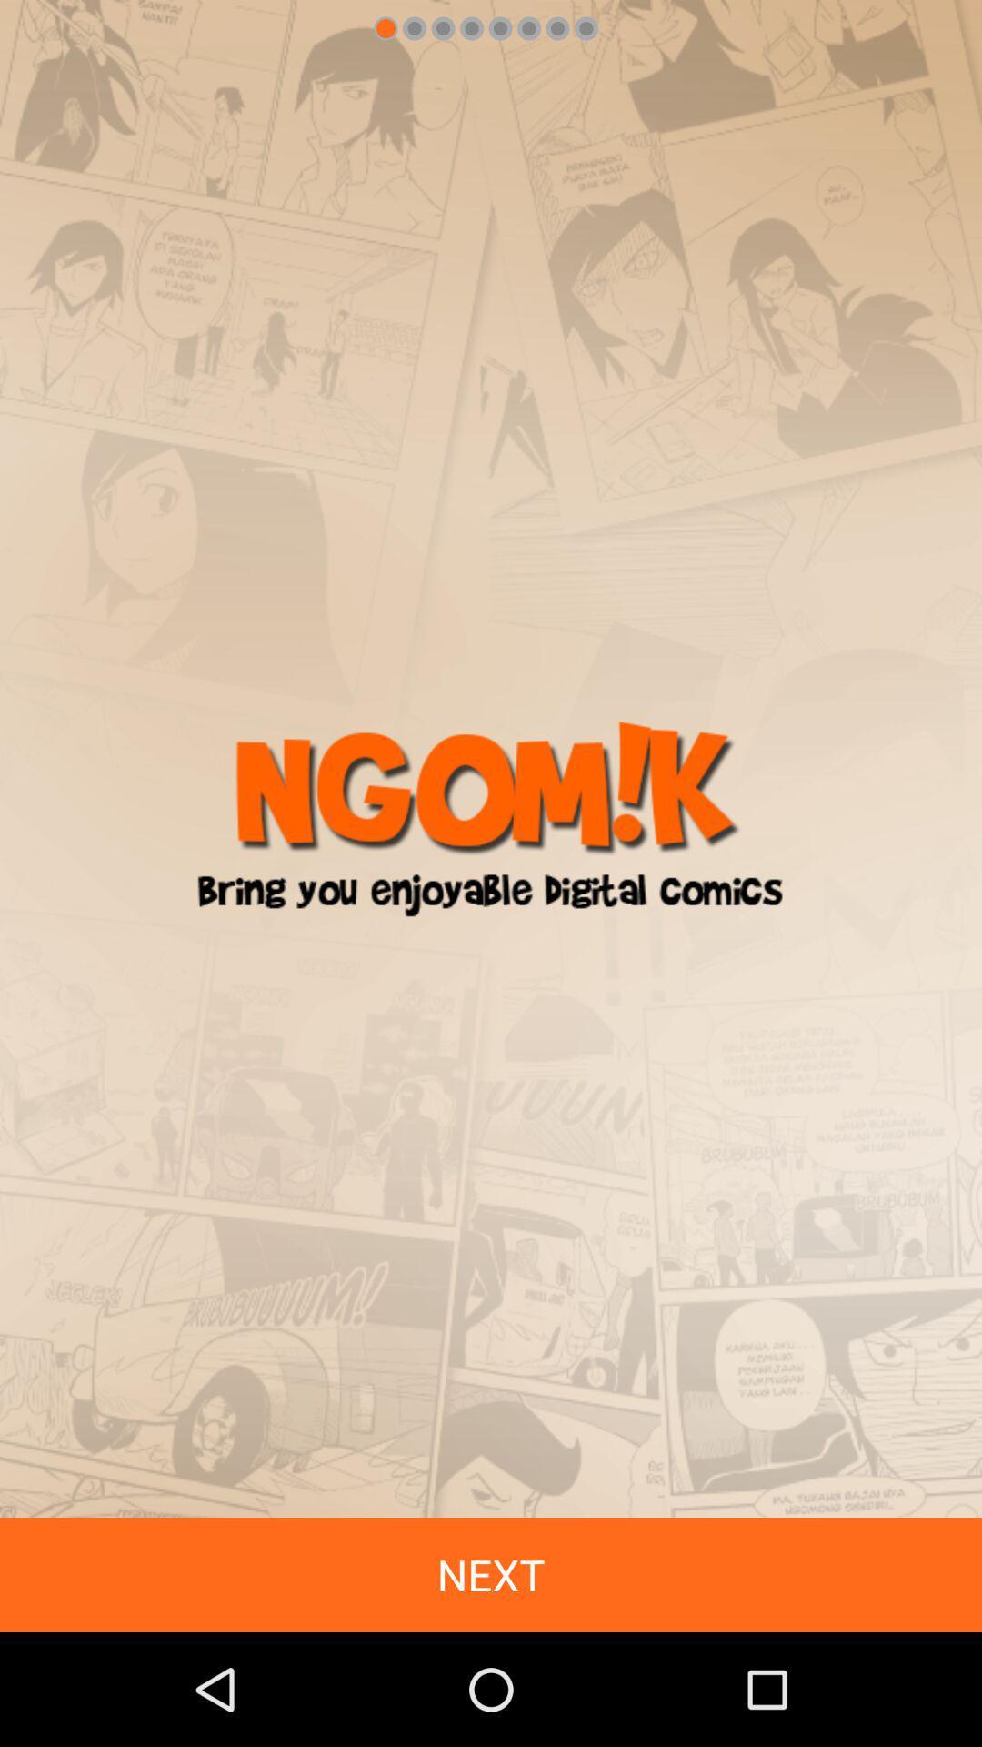  Describe the element at coordinates (491, 1574) in the screenshot. I see `the next icon` at that location.